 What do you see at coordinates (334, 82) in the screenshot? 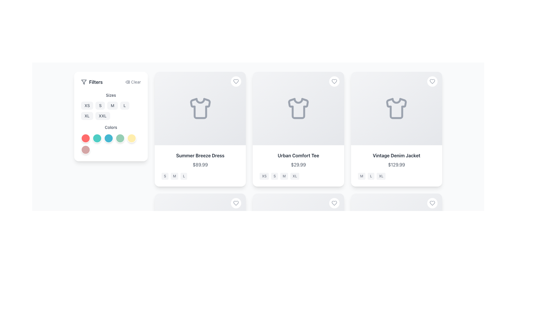
I see `the heart icon located in the top-right corner of the second card representing the product 'Urban Comfort Tee'` at bounding box center [334, 82].